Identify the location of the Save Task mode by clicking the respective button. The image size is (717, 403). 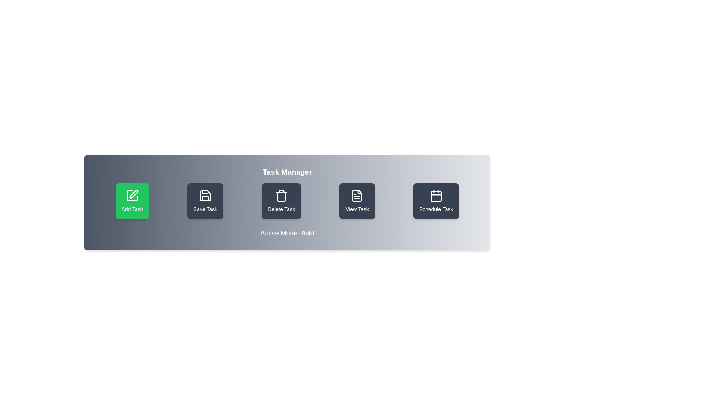
(205, 201).